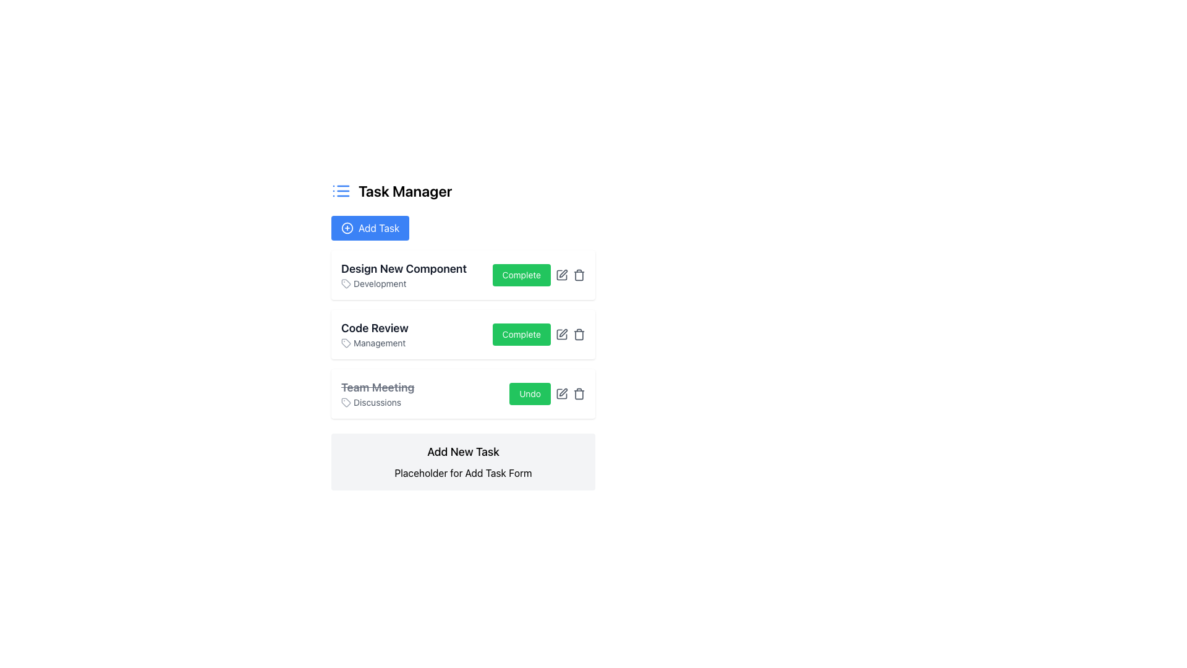  I want to click on the Pen Edit Icon located in the 'Design New Component' task entry, so click(563, 273).